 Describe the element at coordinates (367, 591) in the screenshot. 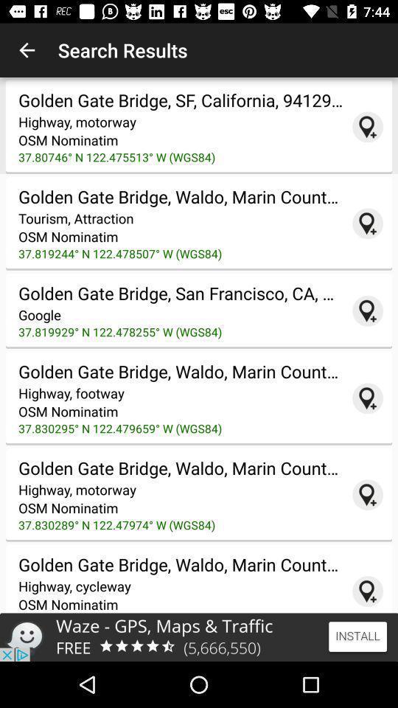

I see `choose location` at that location.